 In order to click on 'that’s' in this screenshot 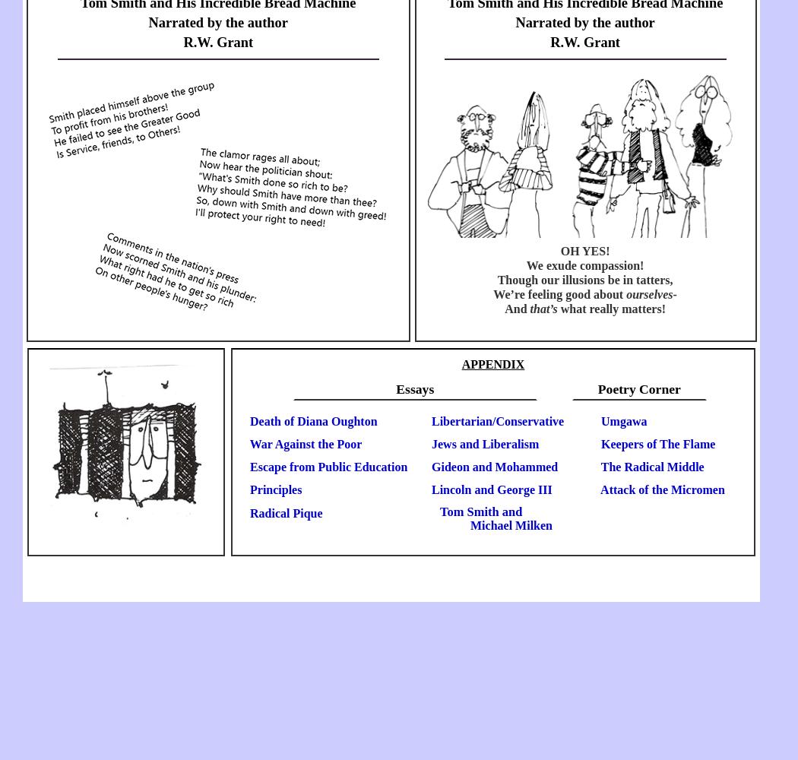, I will do `click(529, 309)`.